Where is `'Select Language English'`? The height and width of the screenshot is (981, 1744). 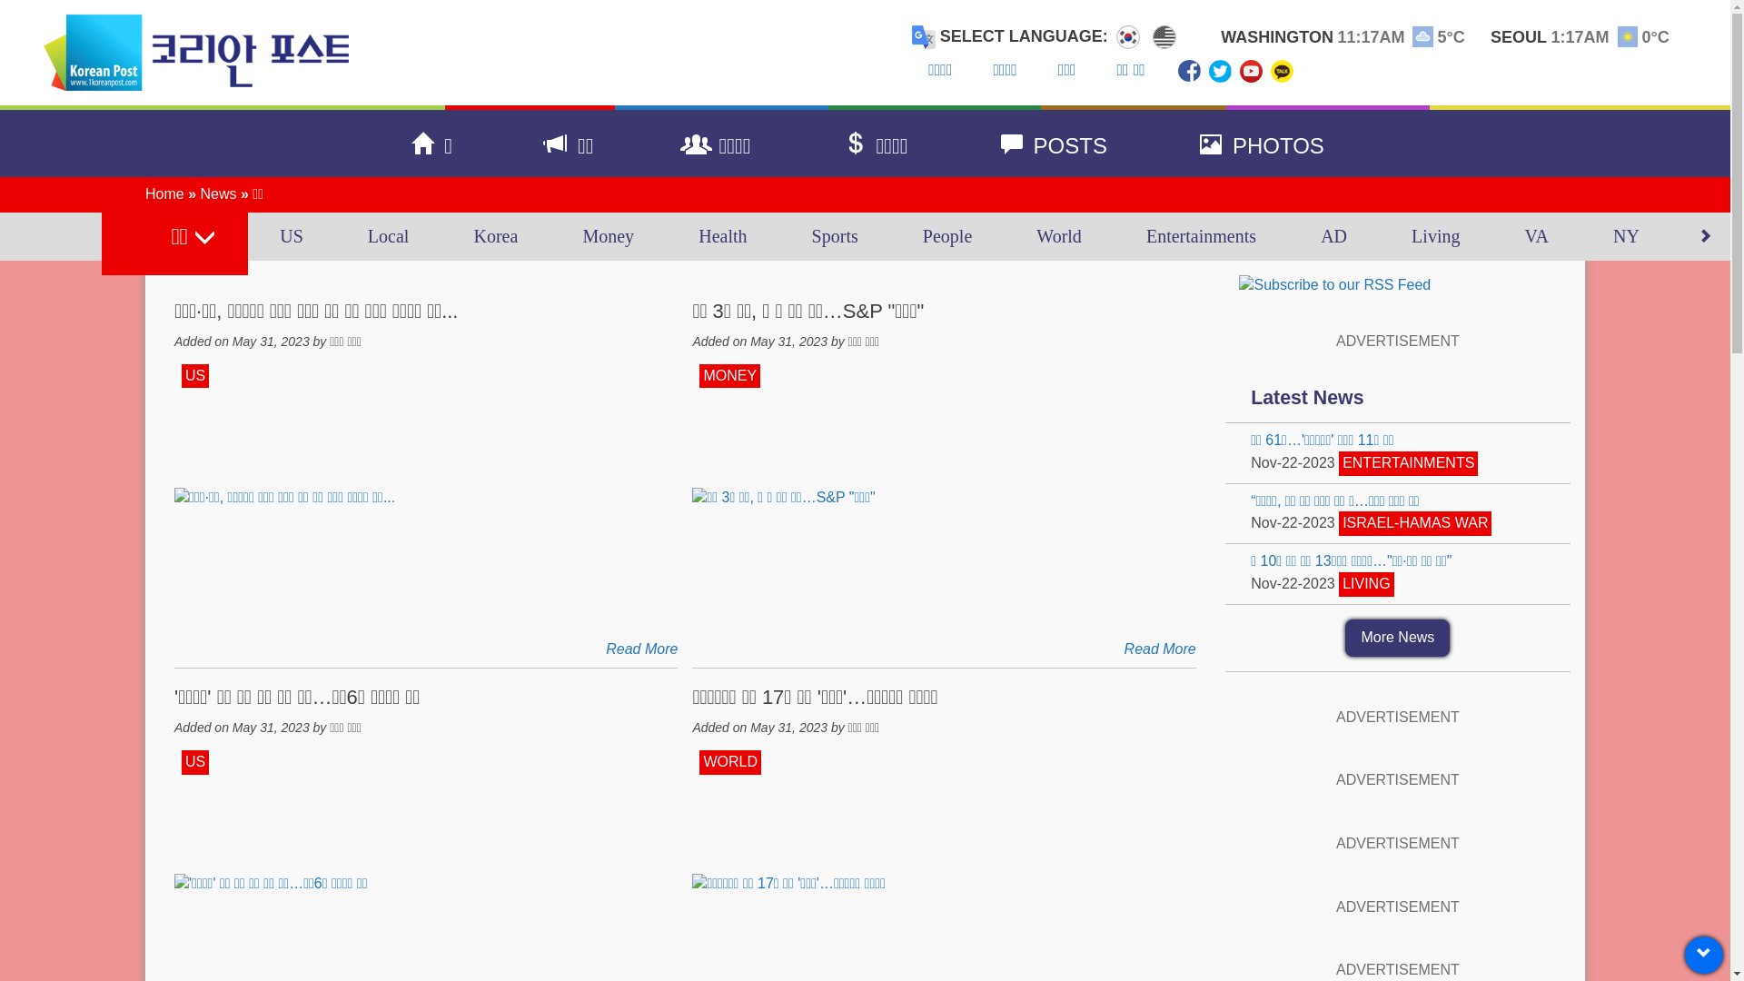 'Select Language English' is located at coordinates (1164, 37).